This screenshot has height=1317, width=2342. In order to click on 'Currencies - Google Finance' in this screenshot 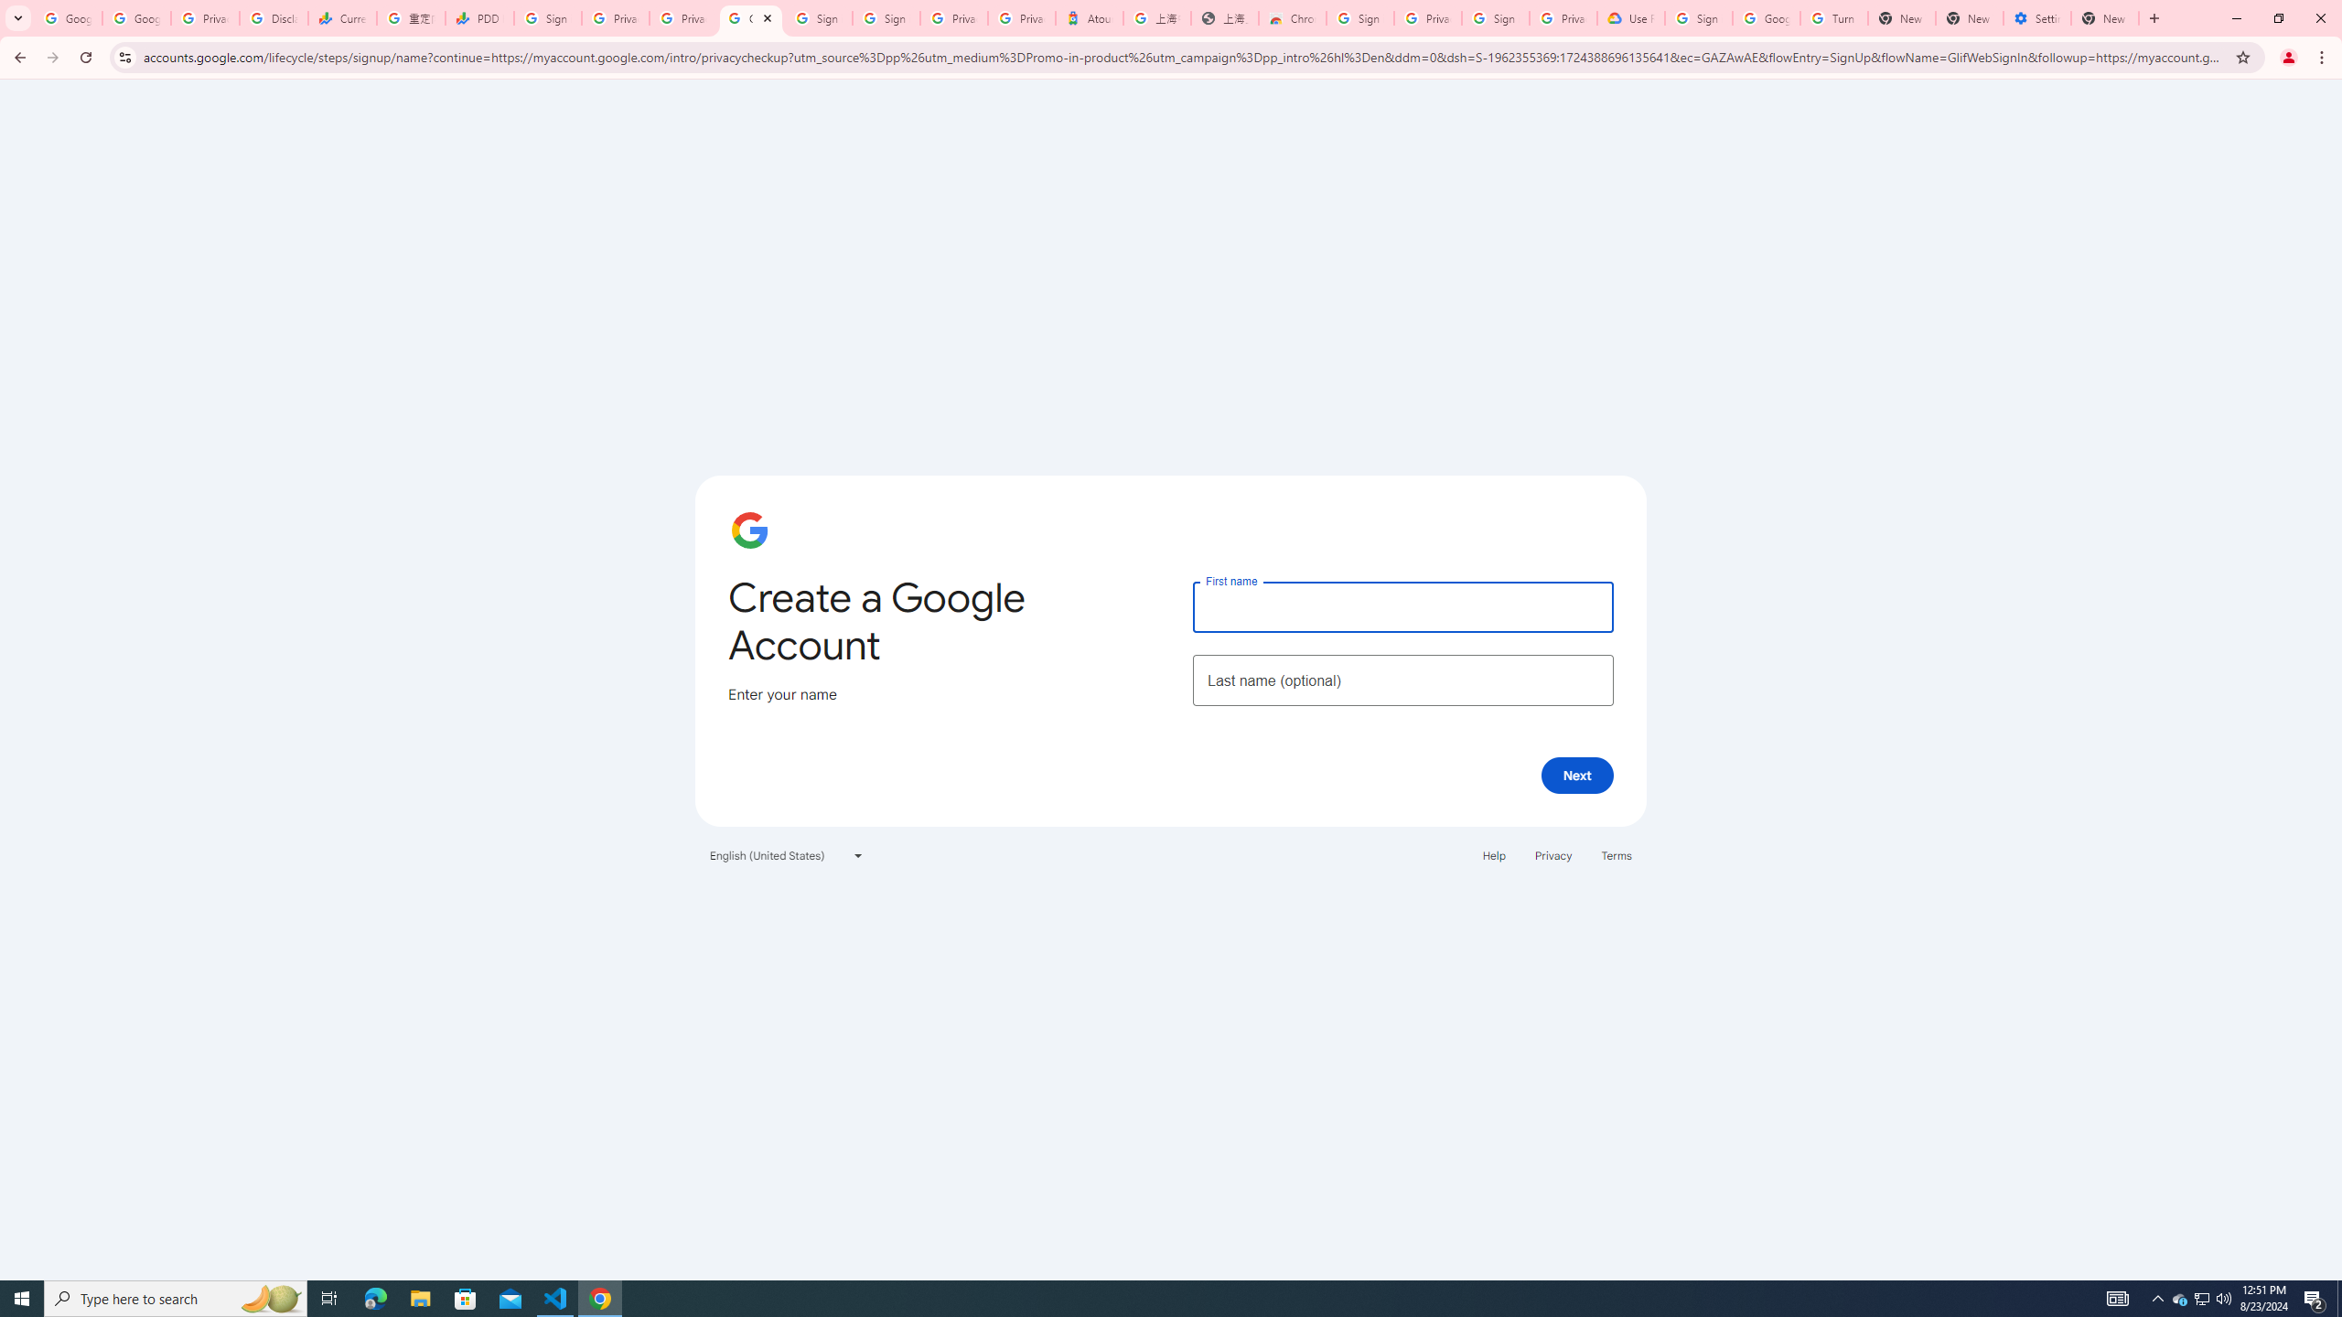, I will do `click(340, 17)`.